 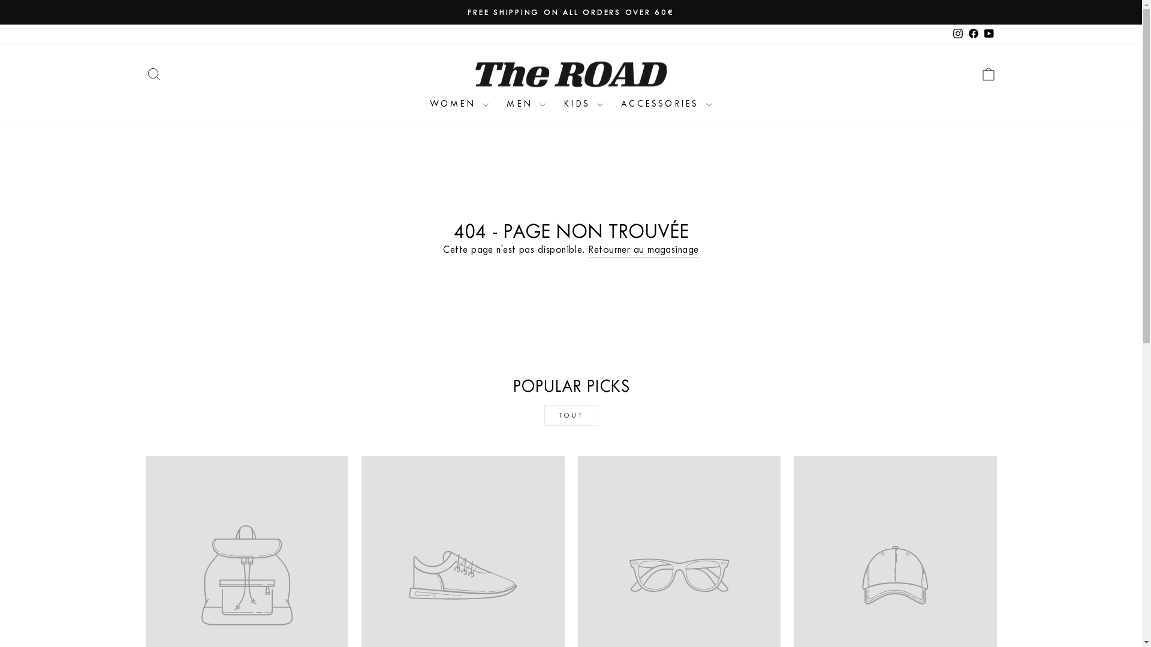 What do you see at coordinates (972, 33) in the screenshot?
I see `'Facebook'` at bounding box center [972, 33].